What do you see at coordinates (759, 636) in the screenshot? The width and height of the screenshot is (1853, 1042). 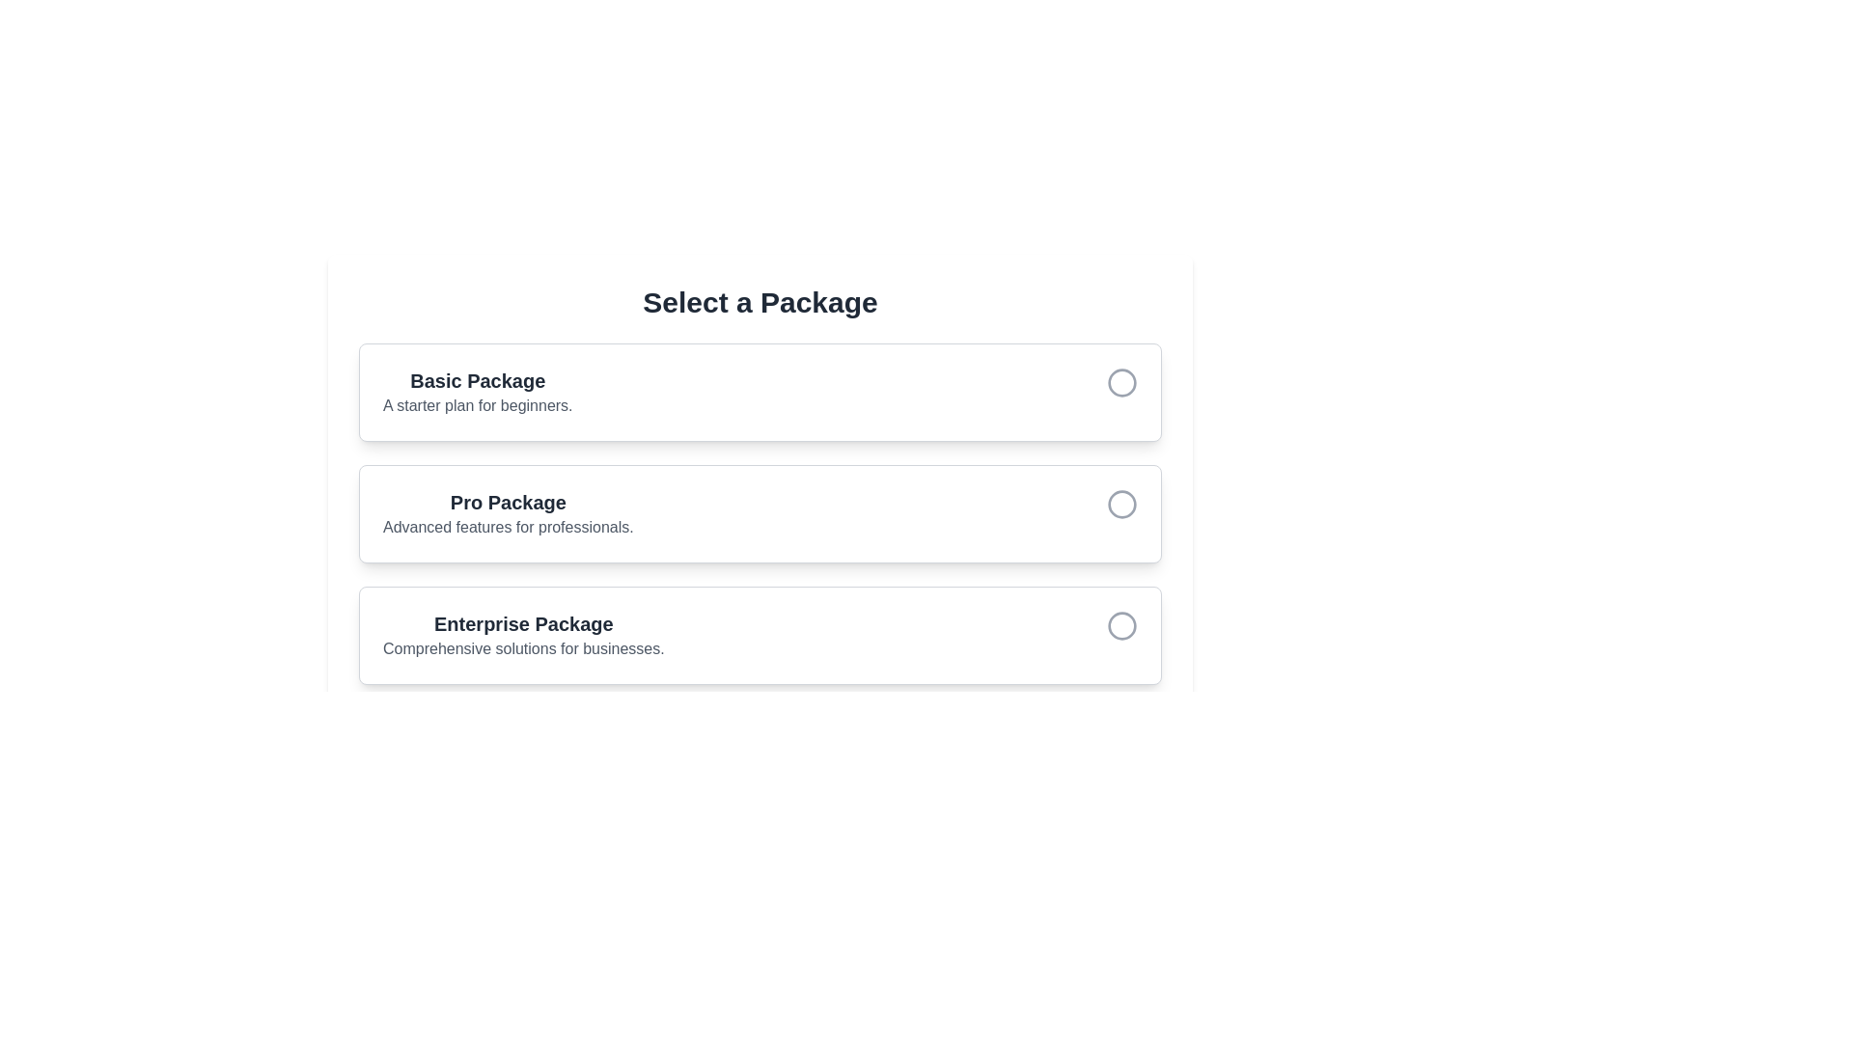 I see `the 'Enterprise Package' card, which is the third card in a vertical list of three options` at bounding box center [759, 636].